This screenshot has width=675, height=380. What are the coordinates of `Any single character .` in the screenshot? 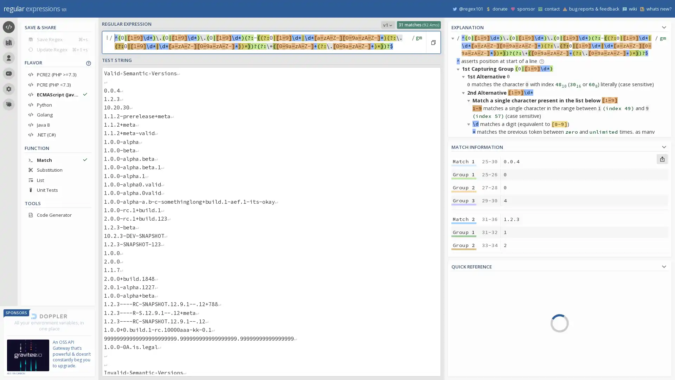 It's located at (594, 329).